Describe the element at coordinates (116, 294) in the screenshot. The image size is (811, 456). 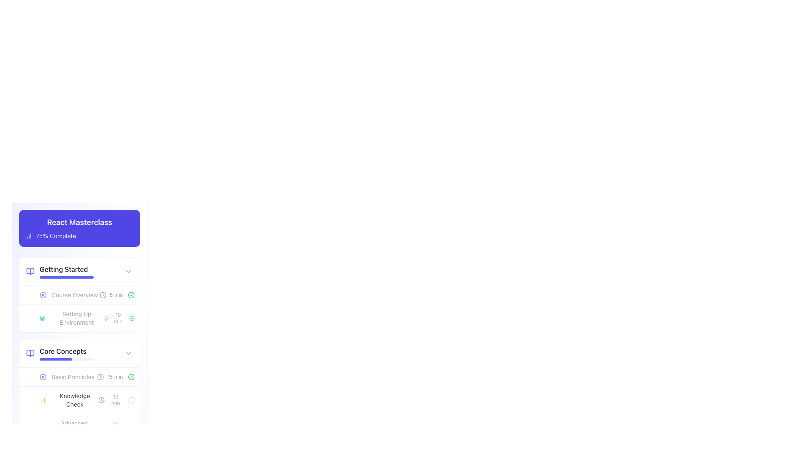
I see `the text label displaying the estimated time for completion located immediately to the right of the clock icon under the 'Course Overview' section in the 'Getting Started' group` at that location.